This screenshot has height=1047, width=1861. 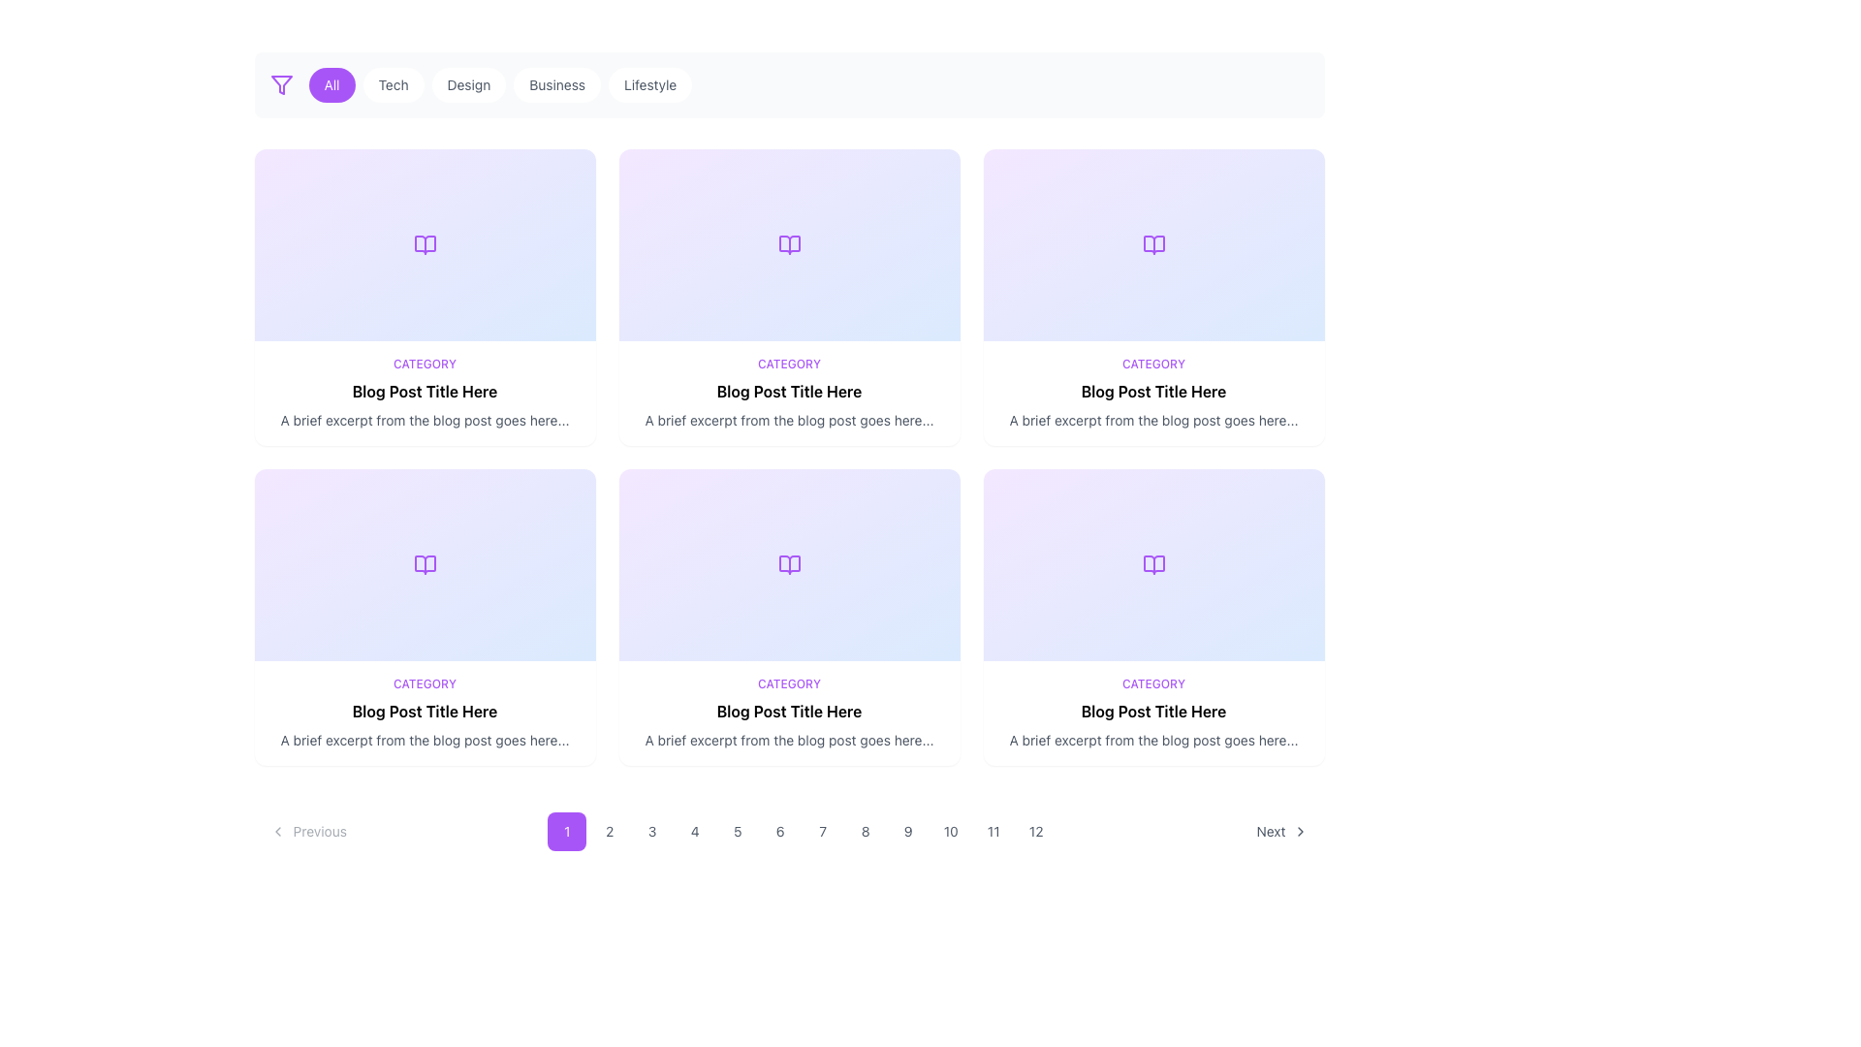 I want to click on the icon representing books or reading content located in the third card of the second row in a 4x3 grid layout for interaction, so click(x=789, y=564).